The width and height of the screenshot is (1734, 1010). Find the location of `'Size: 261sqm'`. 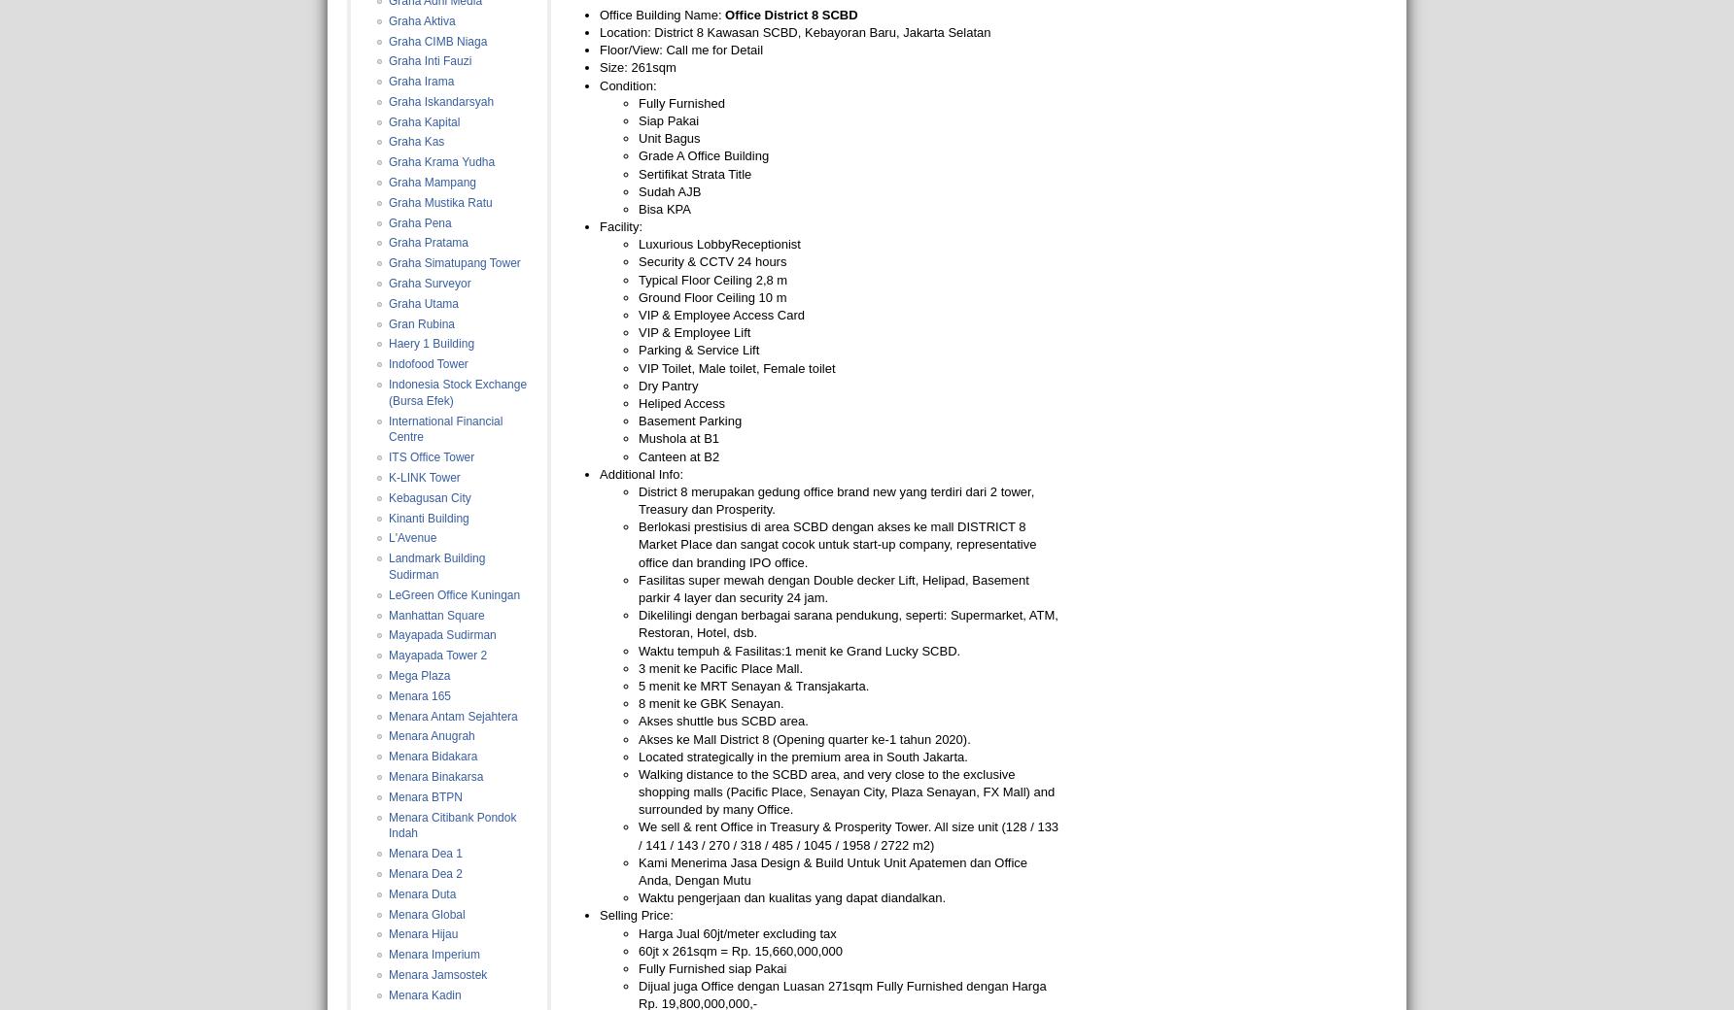

'Size: 261sqm' is located at coordinates (638, 66).